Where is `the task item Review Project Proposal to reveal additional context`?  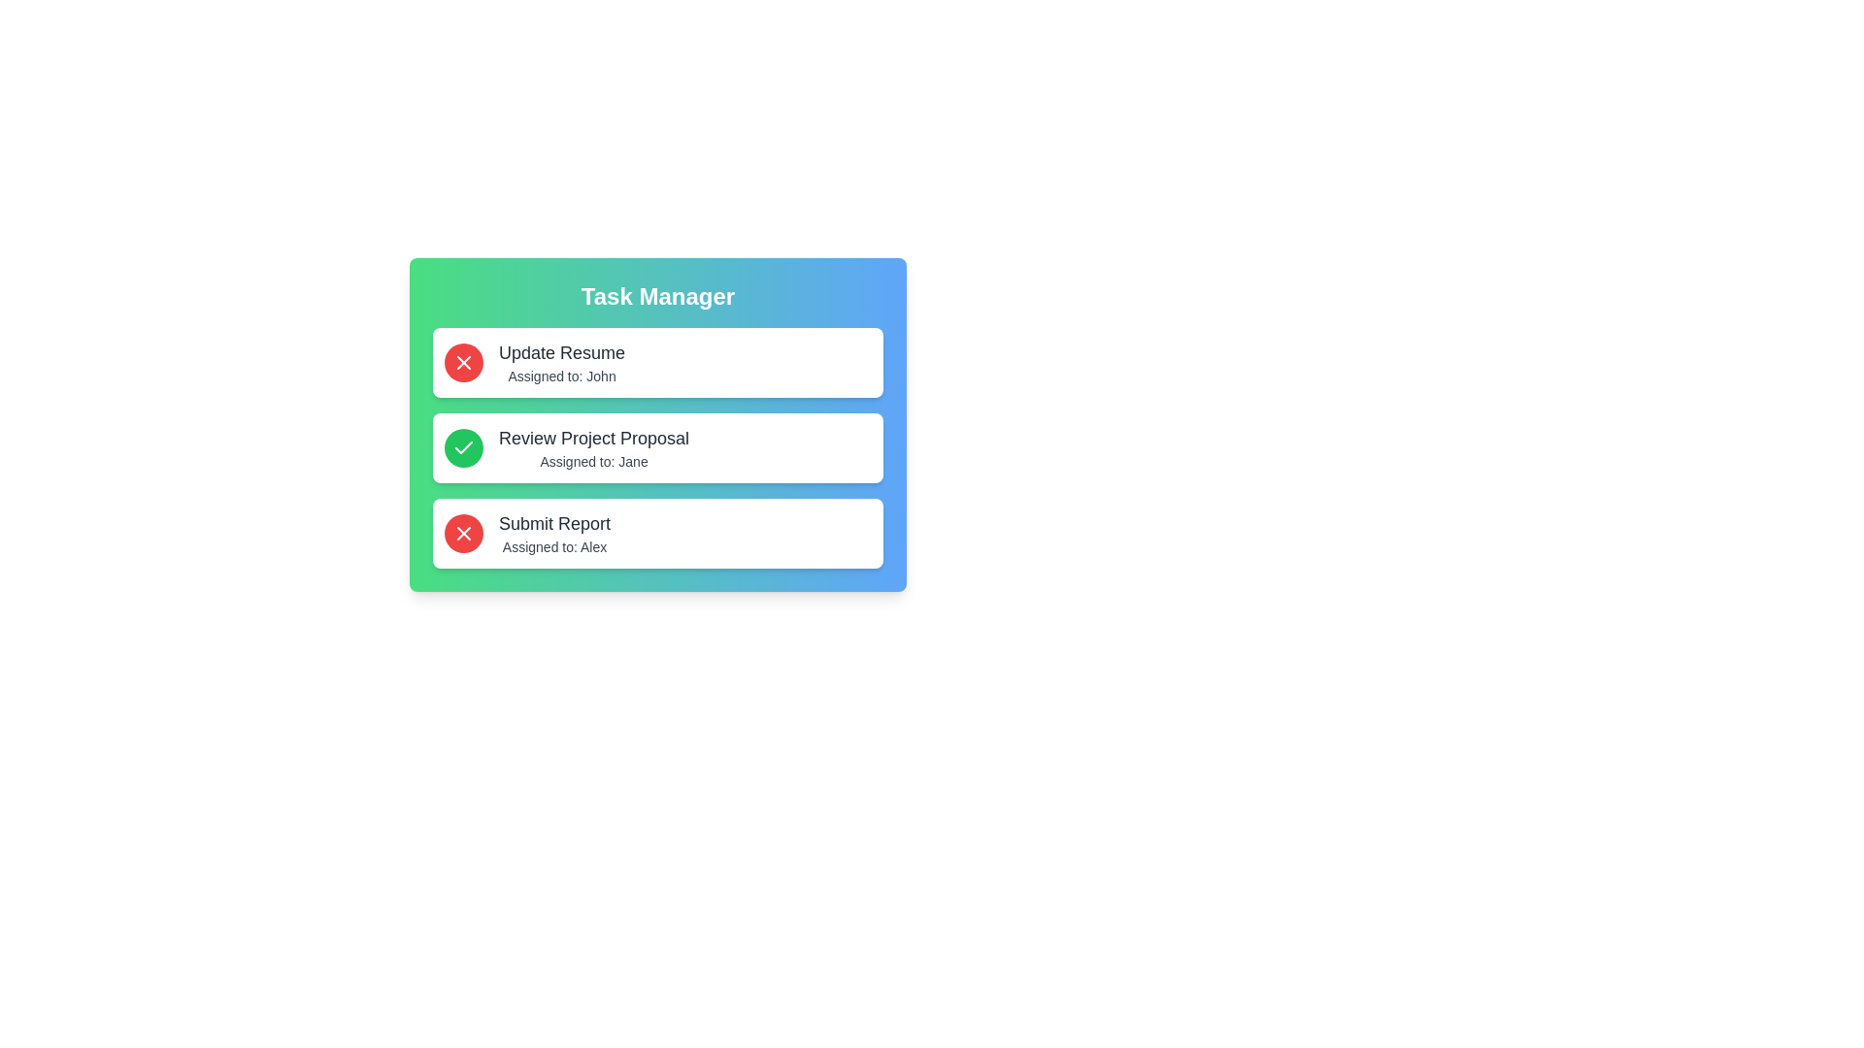 the task item Review Project Proposal to reveal additional context is located at coordinates (657, 448).